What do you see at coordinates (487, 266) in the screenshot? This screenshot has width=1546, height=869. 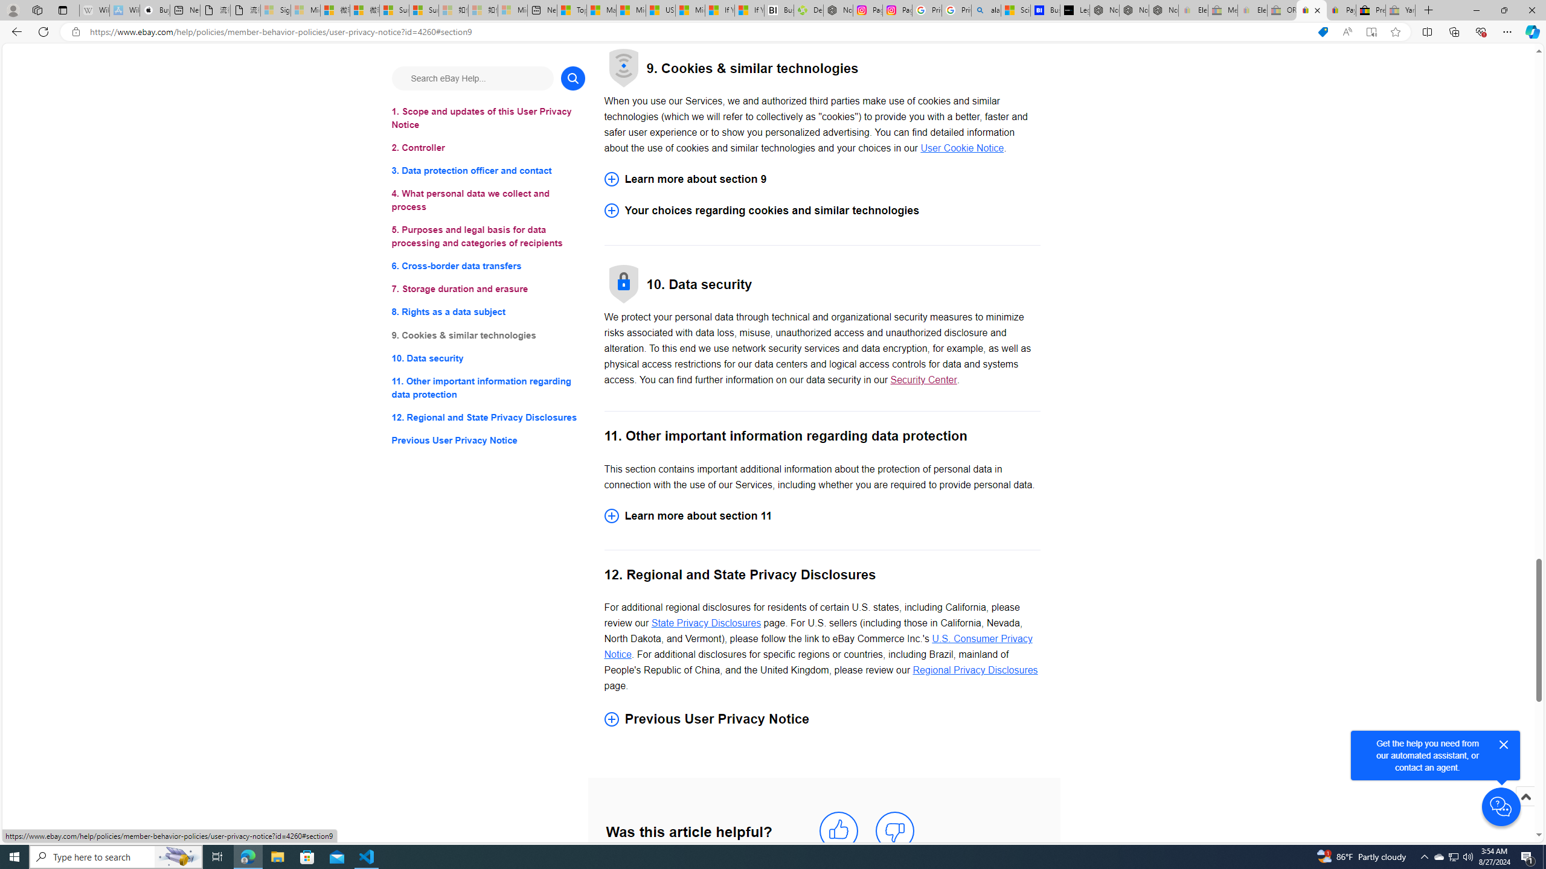 I see `'6. Cross-border data transfers'` at bounding box center [487, 266].